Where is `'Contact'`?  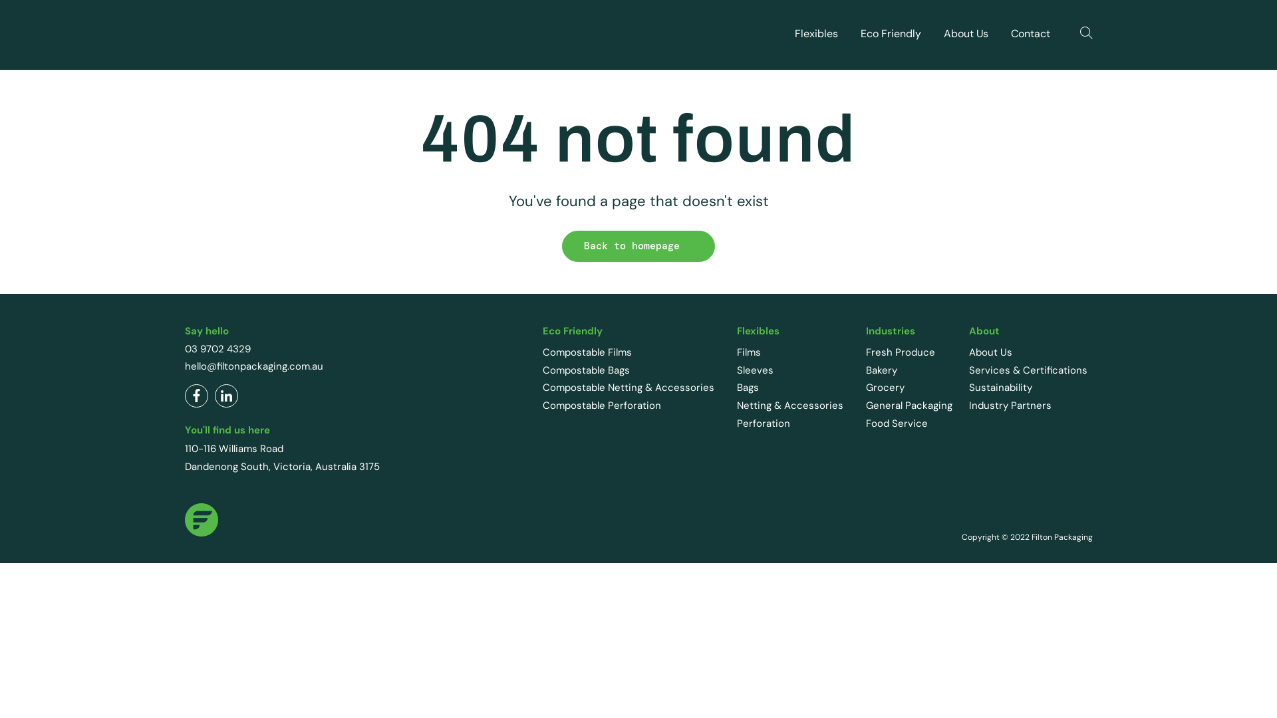 'Contact' is located at coordinates (1030, 33).